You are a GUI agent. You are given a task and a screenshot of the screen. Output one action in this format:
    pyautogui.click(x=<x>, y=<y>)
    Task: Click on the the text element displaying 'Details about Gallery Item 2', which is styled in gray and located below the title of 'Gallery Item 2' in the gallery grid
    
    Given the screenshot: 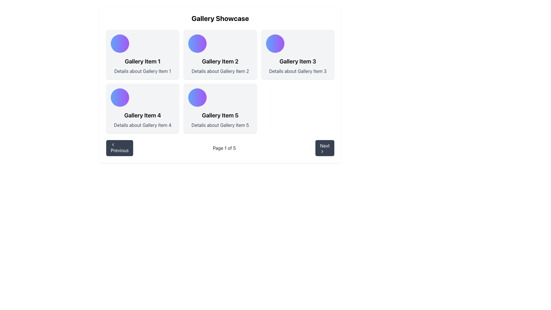 What is the action you would take?
    pyautogui.click(x=220, y=71)
    